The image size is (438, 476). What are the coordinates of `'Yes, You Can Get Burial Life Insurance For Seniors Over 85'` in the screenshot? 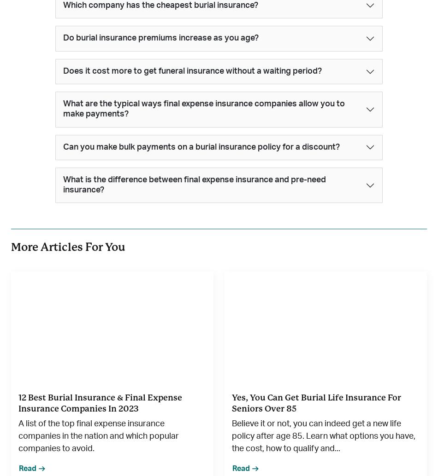 It's located at (232, 402).